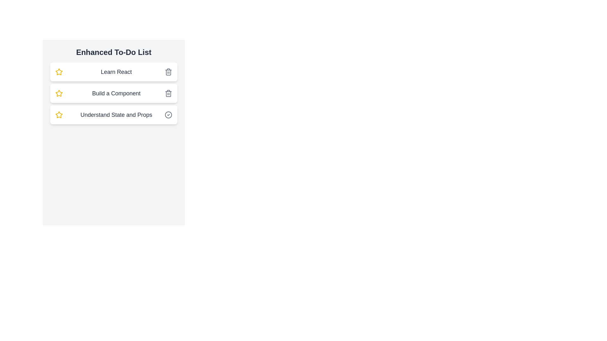 The width and height of the screenshot is (607, 341). What do you see at coordinates (116, 115) in the screenshot?
I see `the text label displaying 'Understand State and Props', which is the last item` at bounding box center [116, 115].